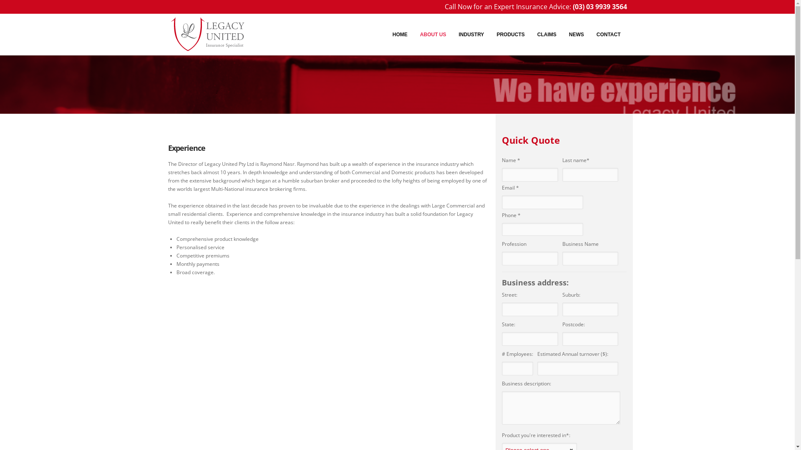 The image size is (801, 450). Describe the element at coordinates (471, 34) in the screenshot. I see `'INDUSTRY'` at that location.